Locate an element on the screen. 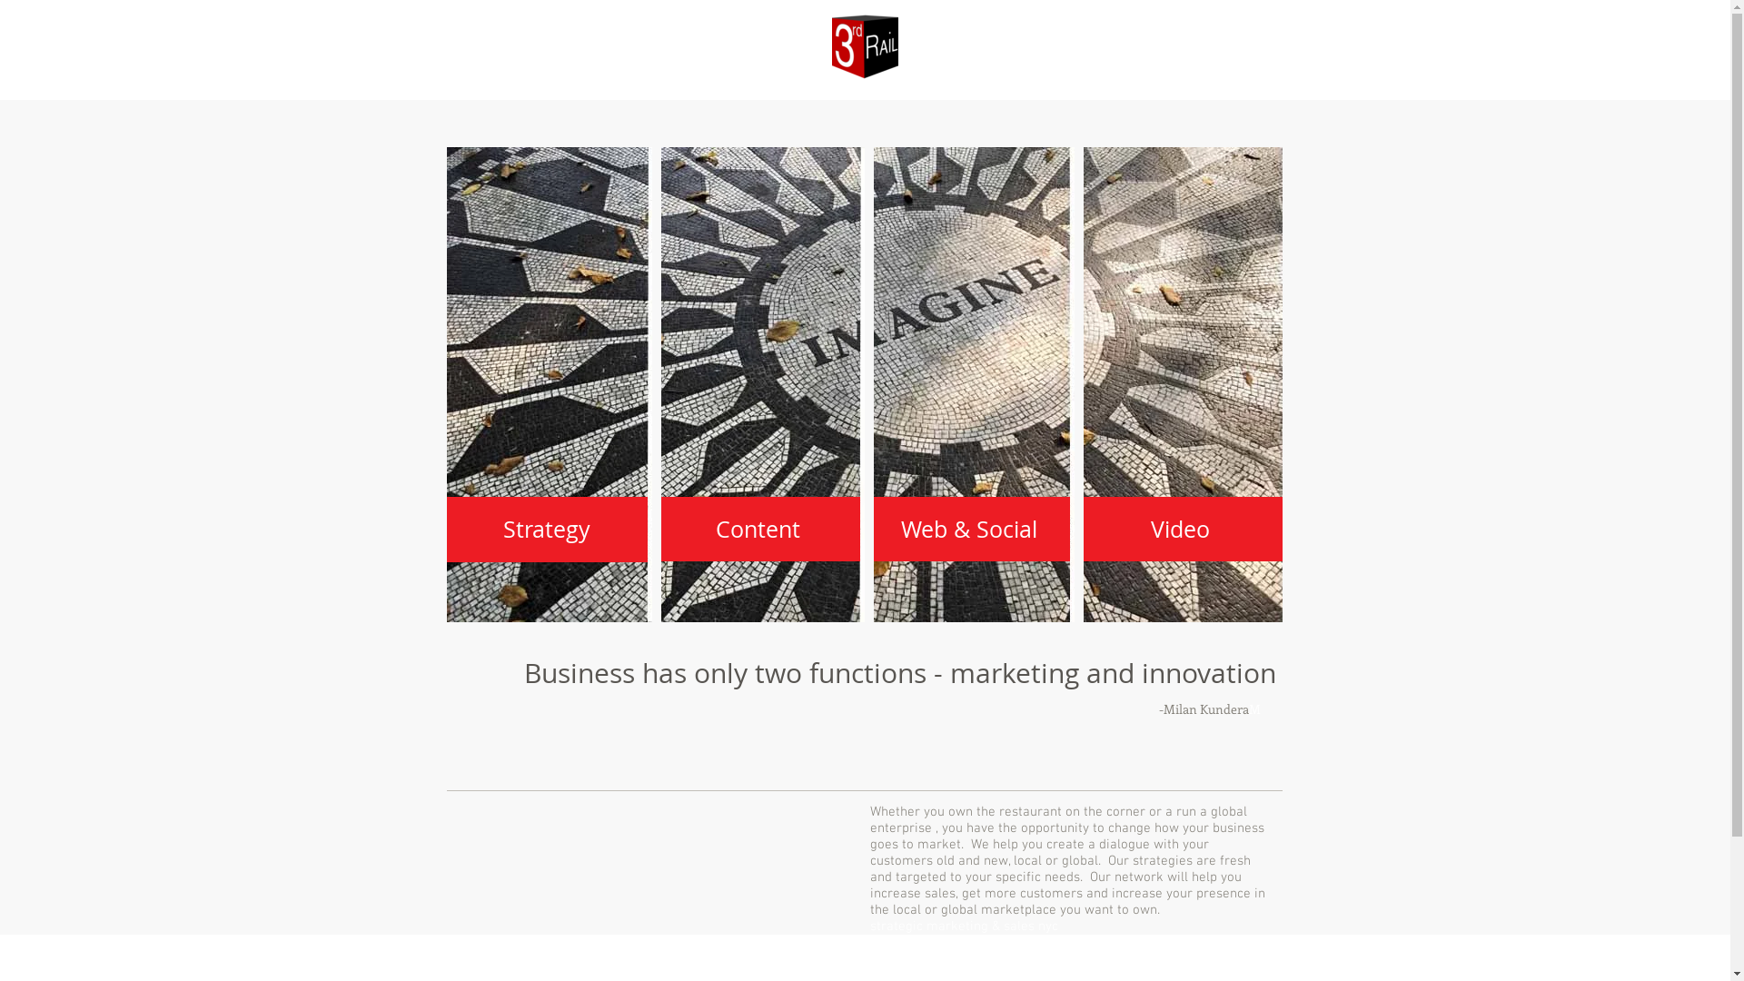 The width and height of the screenshot is (1744, 981). 'Content' is located at coordinates (758, 529).